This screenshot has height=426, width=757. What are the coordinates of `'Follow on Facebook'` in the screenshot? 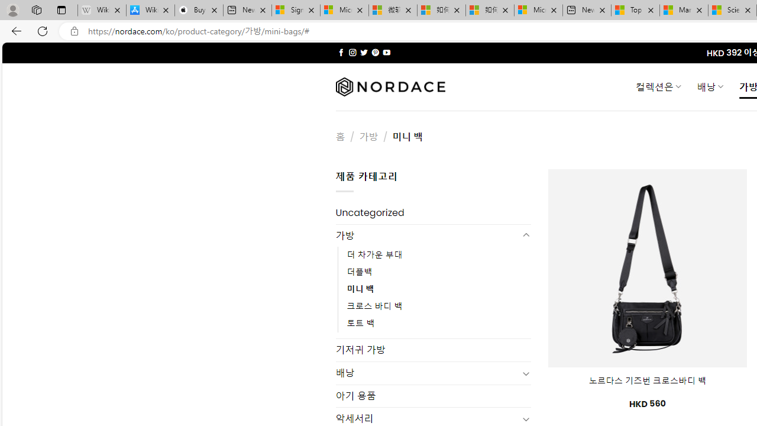 It's located at (341, 52).